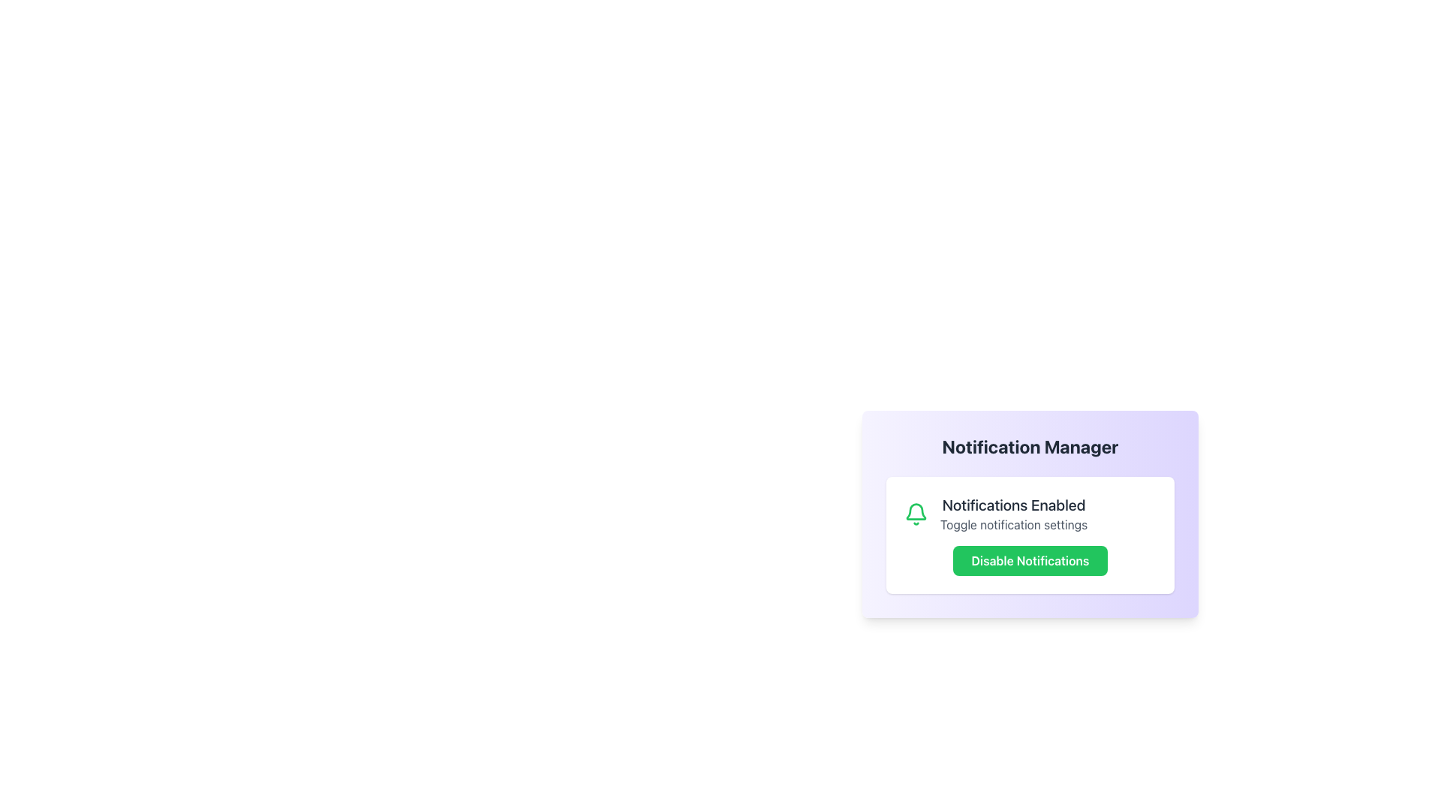 This screenshot has width=1441, height=811. Describe the element at coordinates (1014, 514) in the screenshot. I see `notification status text that indicates notifications are enabled and provides a subtitle for toggling notification settings, which is located to the right of the green bell icon` at that location.